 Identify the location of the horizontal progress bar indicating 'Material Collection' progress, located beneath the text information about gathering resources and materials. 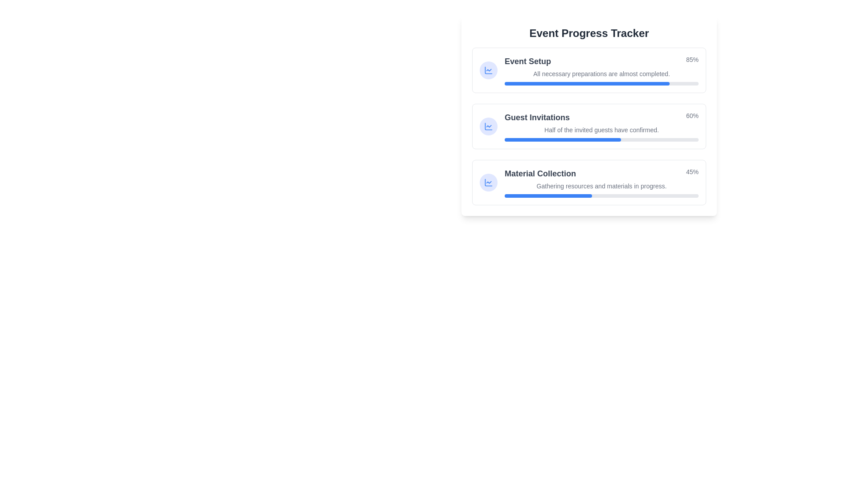
(601, 195).